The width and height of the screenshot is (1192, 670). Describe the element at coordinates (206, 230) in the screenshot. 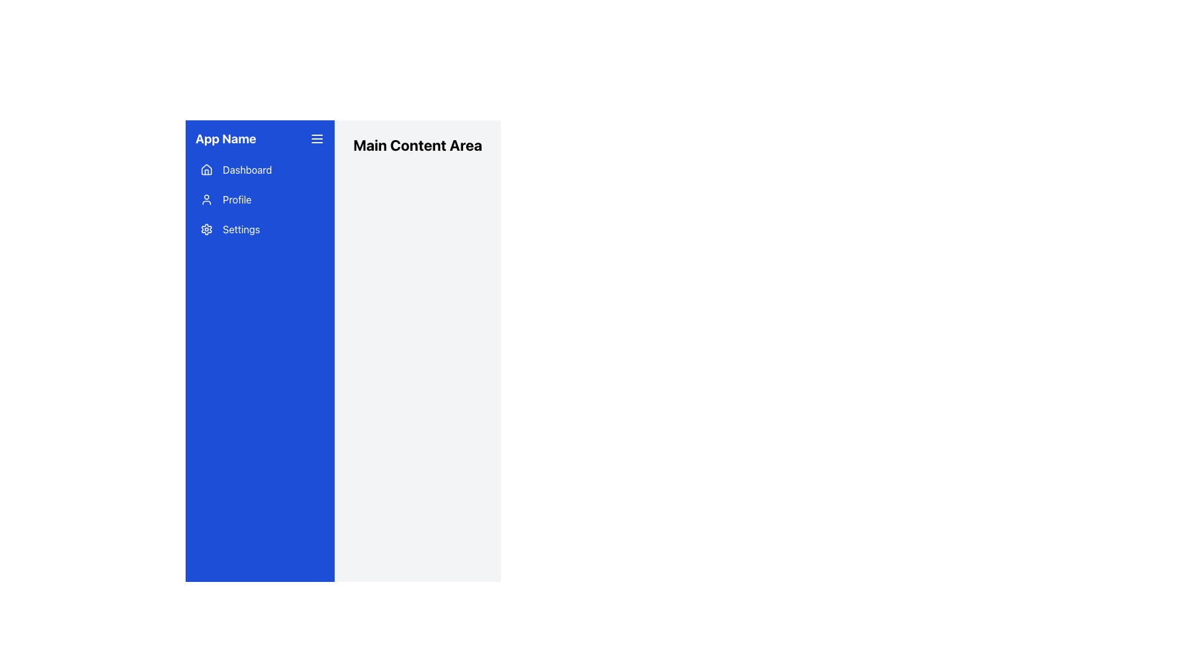

I see `the small gear-shaped settings icon located in the blue sidebar menu to the left of the word 'Settings'` at that location.